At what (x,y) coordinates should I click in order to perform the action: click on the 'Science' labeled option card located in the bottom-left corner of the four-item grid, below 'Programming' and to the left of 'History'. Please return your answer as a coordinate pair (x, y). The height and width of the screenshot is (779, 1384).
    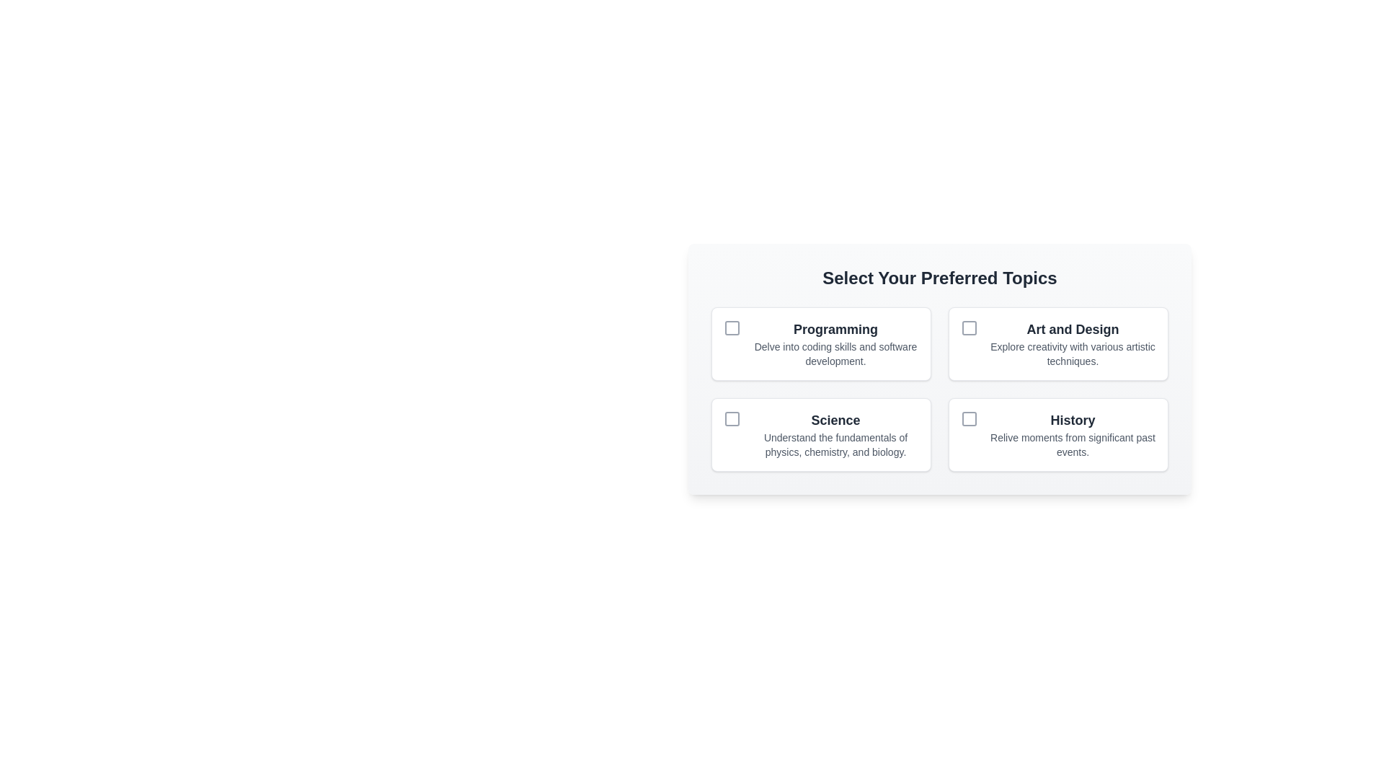
    Looking at the image, I should click on (835, 433).